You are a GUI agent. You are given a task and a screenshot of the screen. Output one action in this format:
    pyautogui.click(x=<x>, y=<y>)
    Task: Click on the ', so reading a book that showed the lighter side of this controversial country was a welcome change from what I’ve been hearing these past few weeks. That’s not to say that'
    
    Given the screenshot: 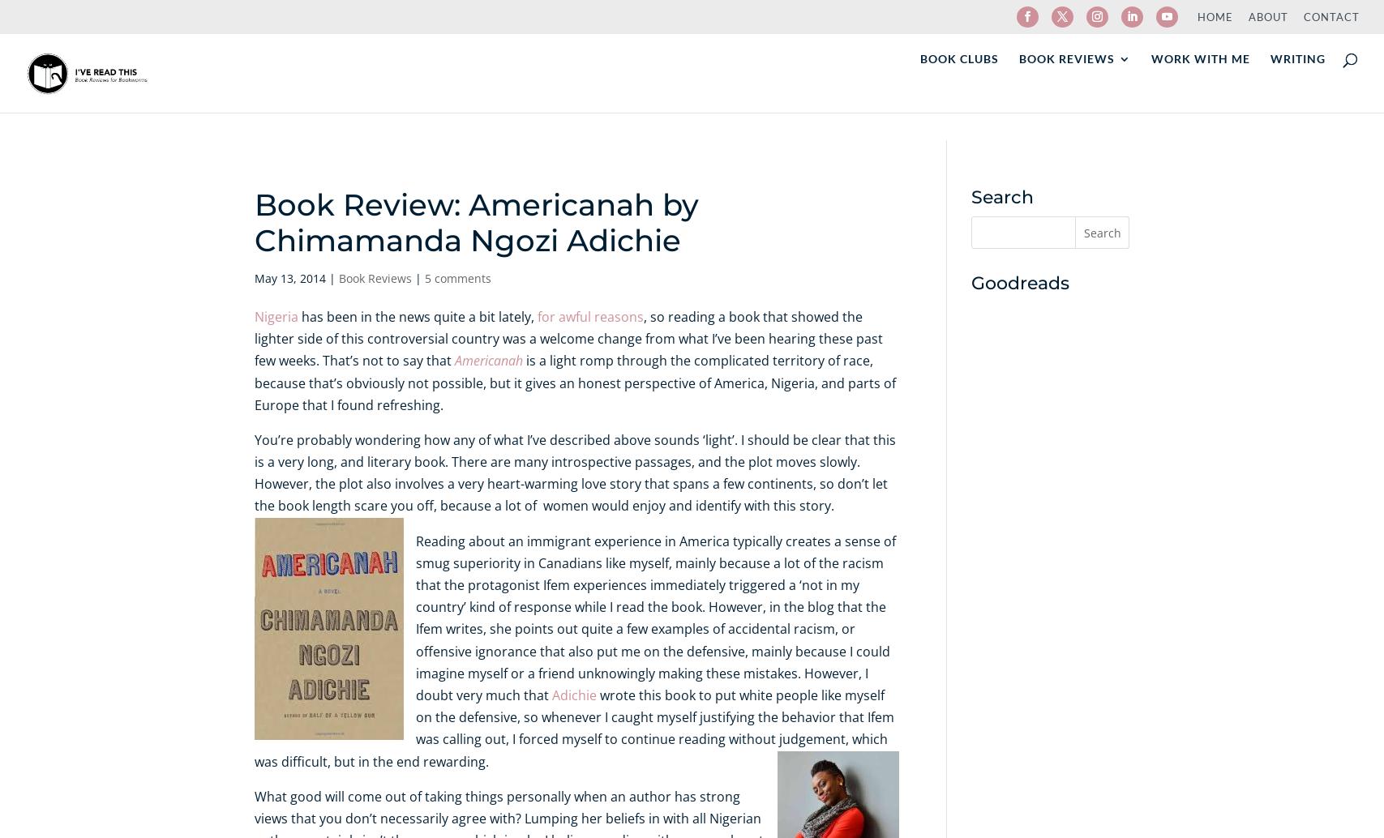 What is the action you would take?
    pyautogui.click(x=568, y=337)
    